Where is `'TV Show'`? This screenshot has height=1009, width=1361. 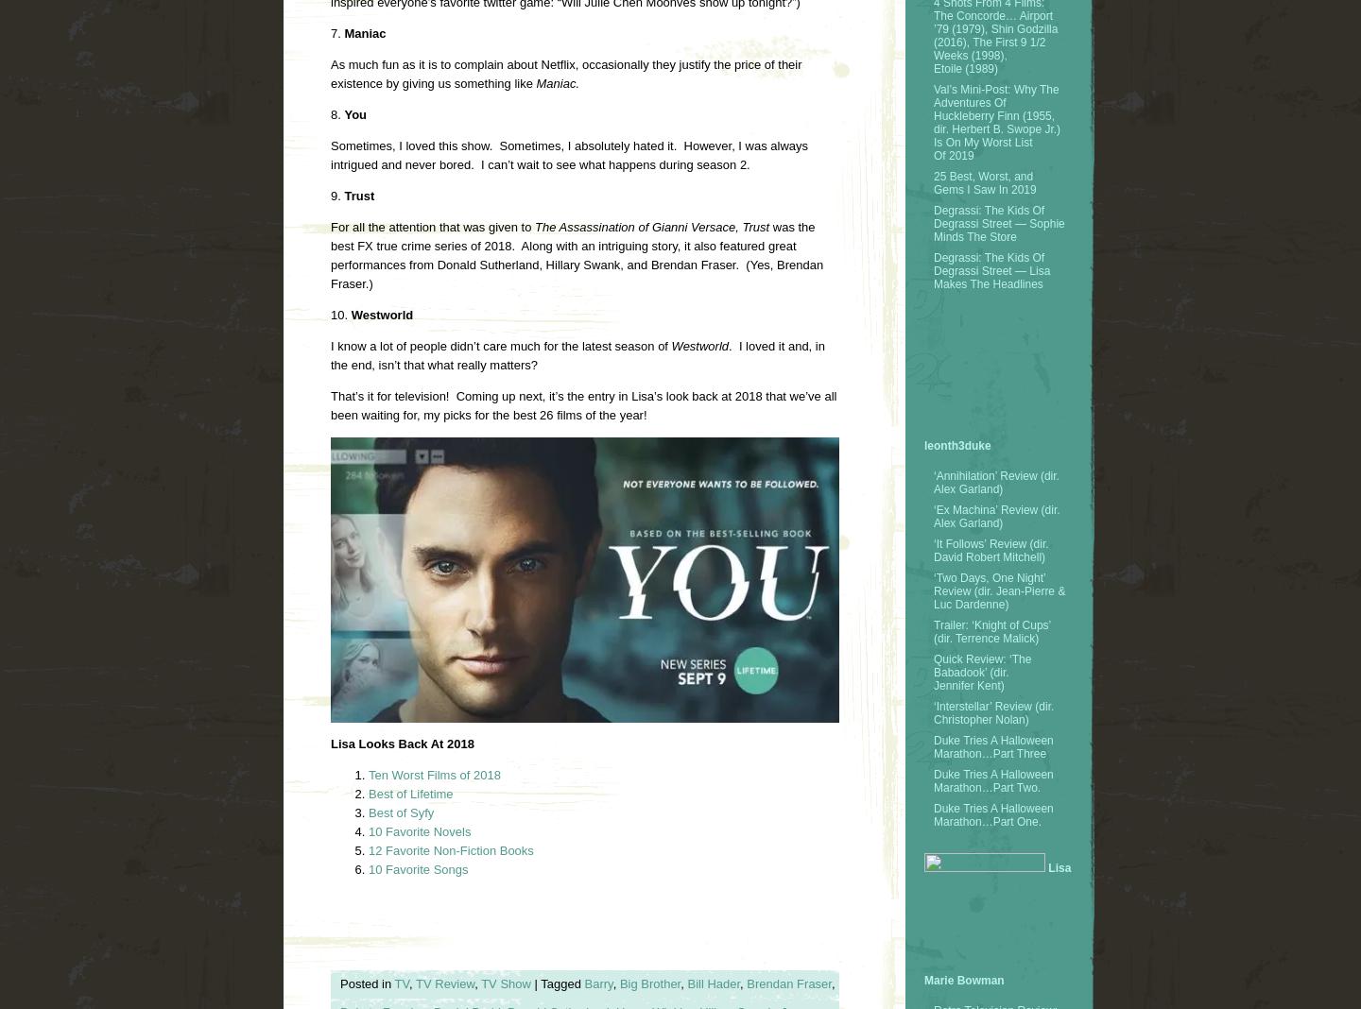 'TV Show' is located at coordinates (504, 983).